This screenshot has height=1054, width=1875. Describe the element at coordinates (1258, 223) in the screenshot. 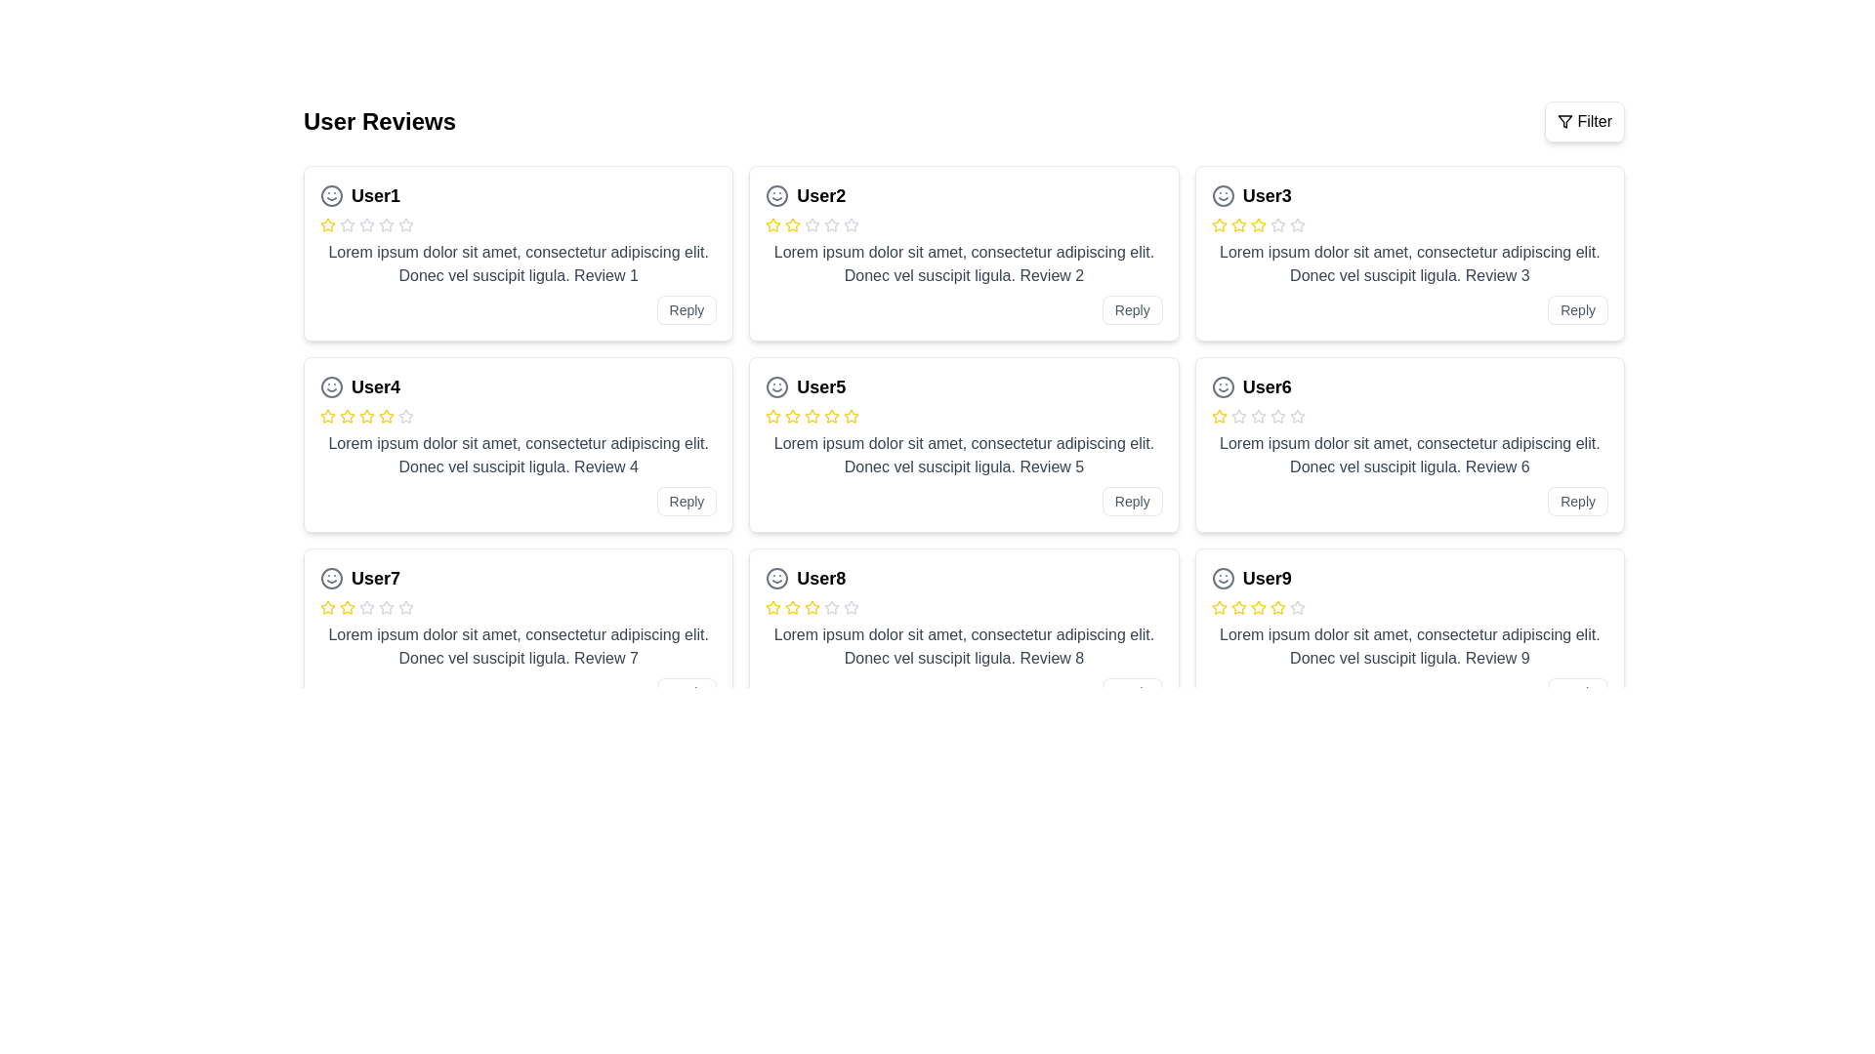

I see `the second rating star icon, which visually represents a two-star rating on the User3 review card located in the middle column of the review grid` at that location.